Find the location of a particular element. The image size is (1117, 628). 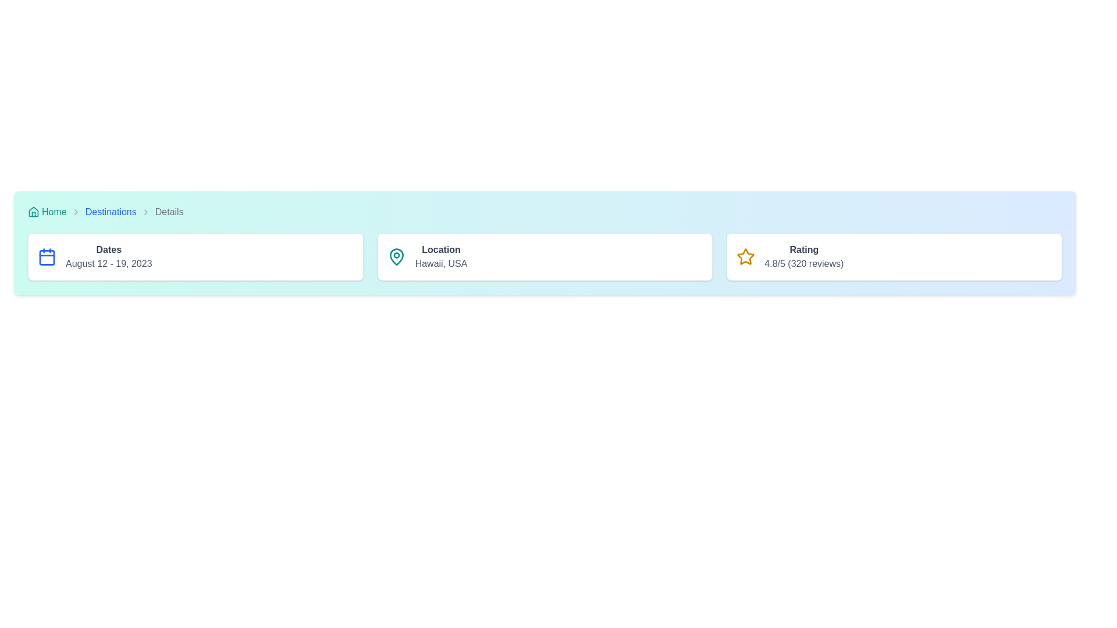

contents of the Text label displaying location information for 'Hawaii, USA', which is located in the middle card section between the 'Dates' card and the 'Rating' card is located at coordinates (440, 256).